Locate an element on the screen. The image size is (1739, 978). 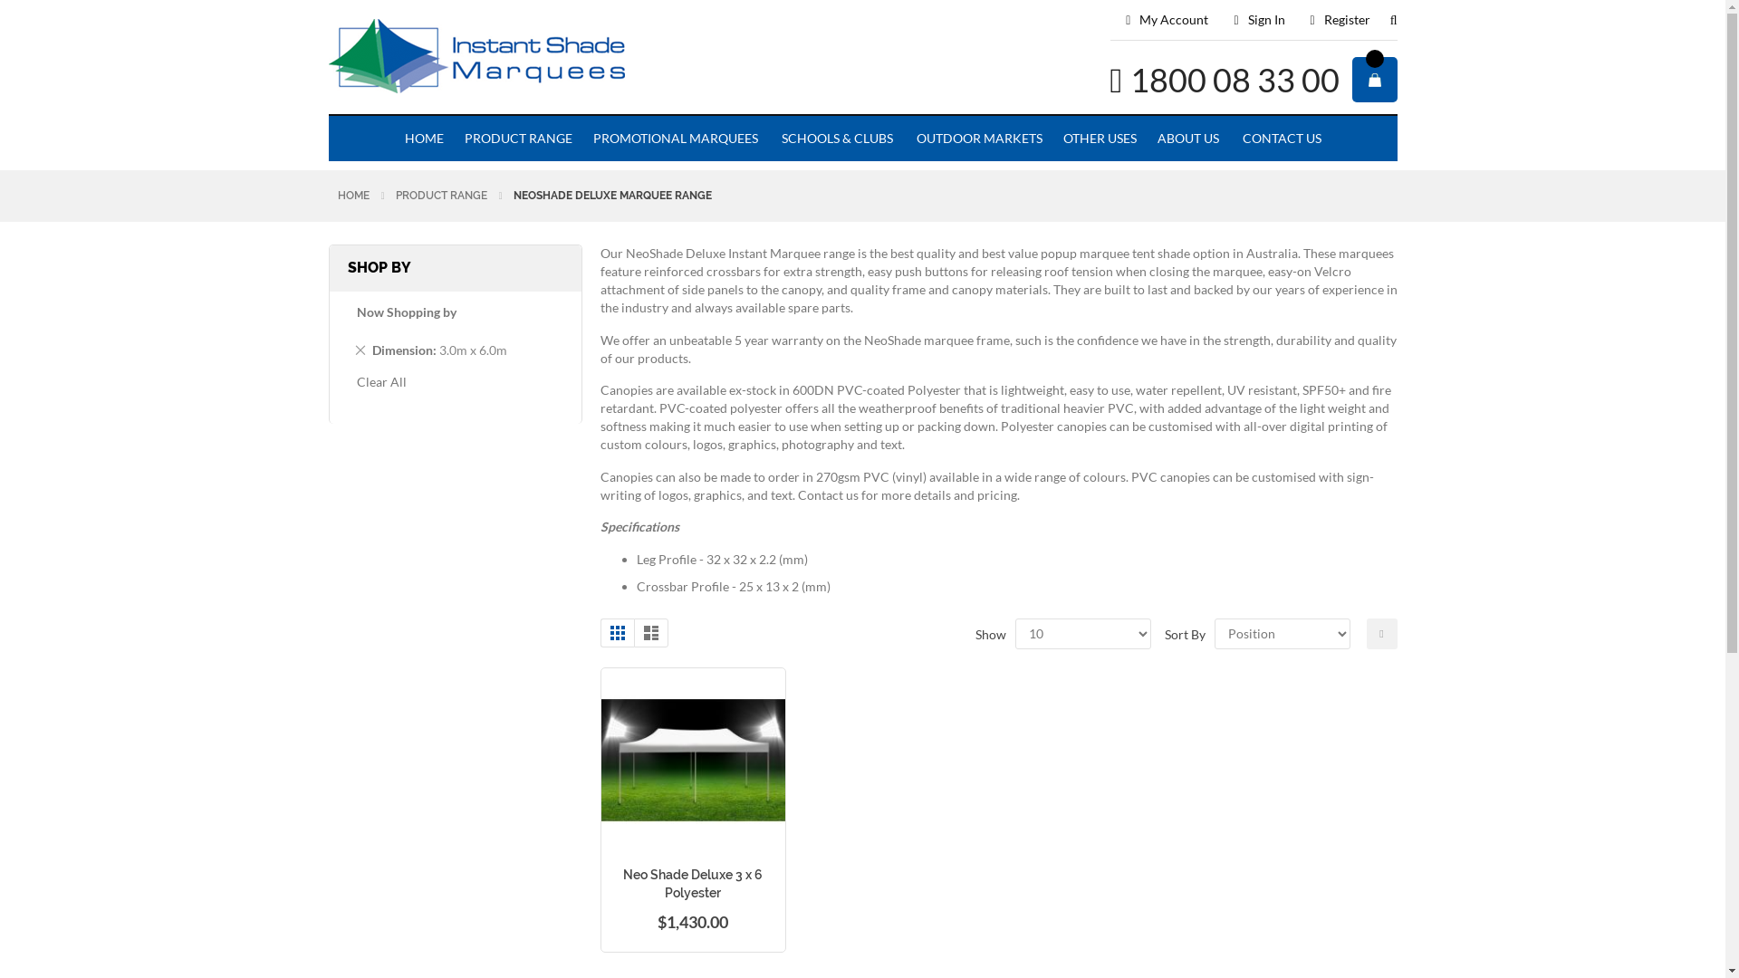
'List' is located at coordinates (634, 631).